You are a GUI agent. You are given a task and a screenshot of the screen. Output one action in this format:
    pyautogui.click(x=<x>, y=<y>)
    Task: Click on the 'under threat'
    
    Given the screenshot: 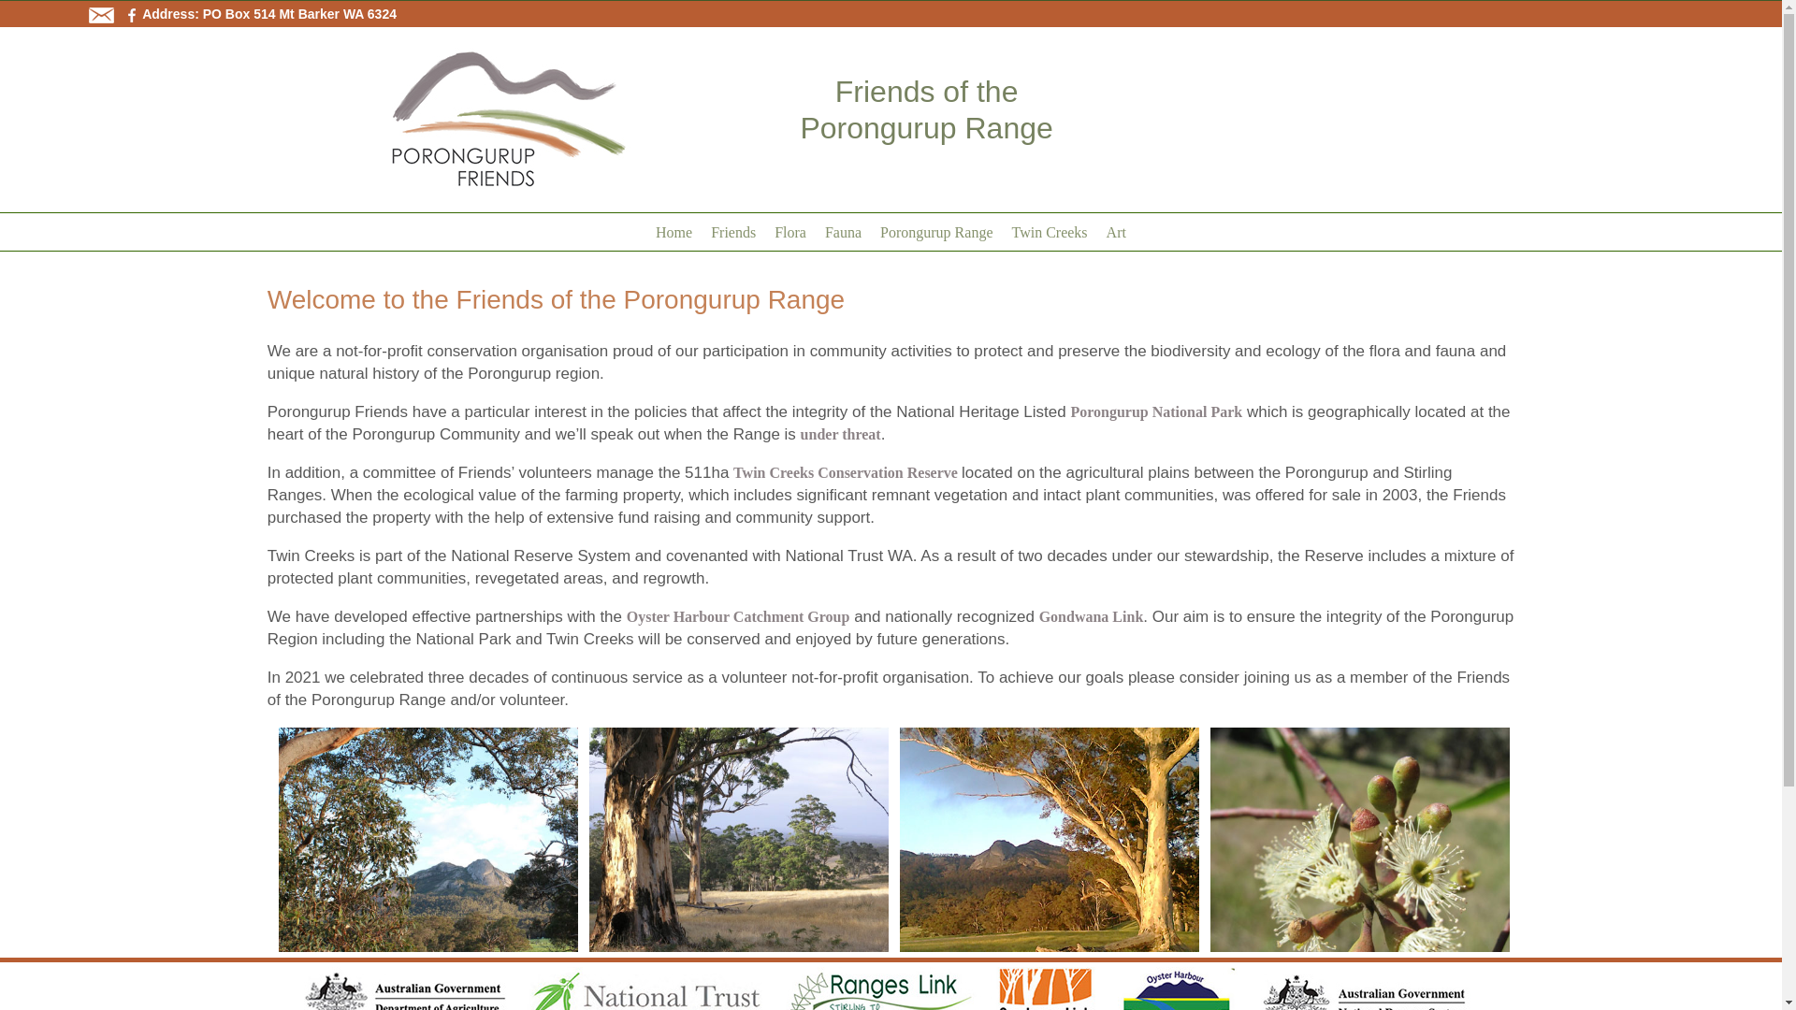 What is the action you would take?
    pyautogui.click(x=839, y=434)
    